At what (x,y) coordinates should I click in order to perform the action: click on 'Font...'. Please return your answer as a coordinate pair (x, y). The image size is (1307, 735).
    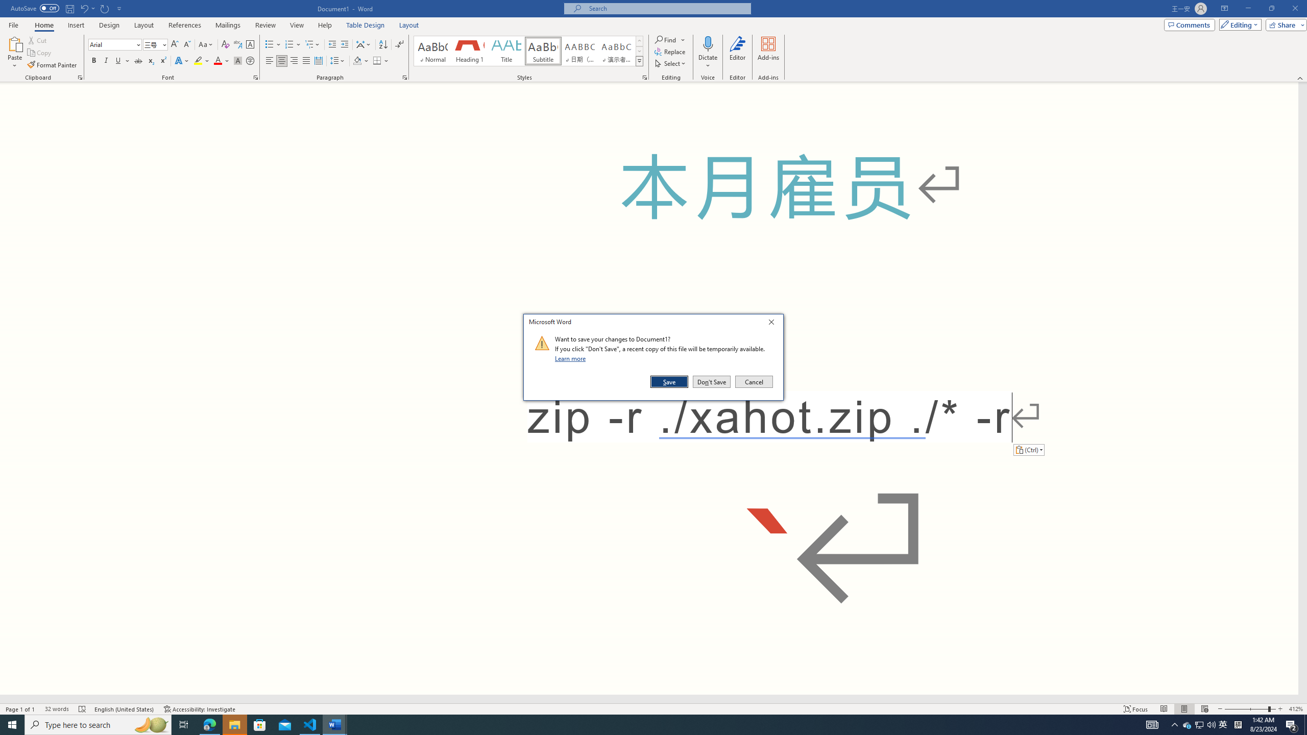
    Looking at the image, I should click on (256, 77).